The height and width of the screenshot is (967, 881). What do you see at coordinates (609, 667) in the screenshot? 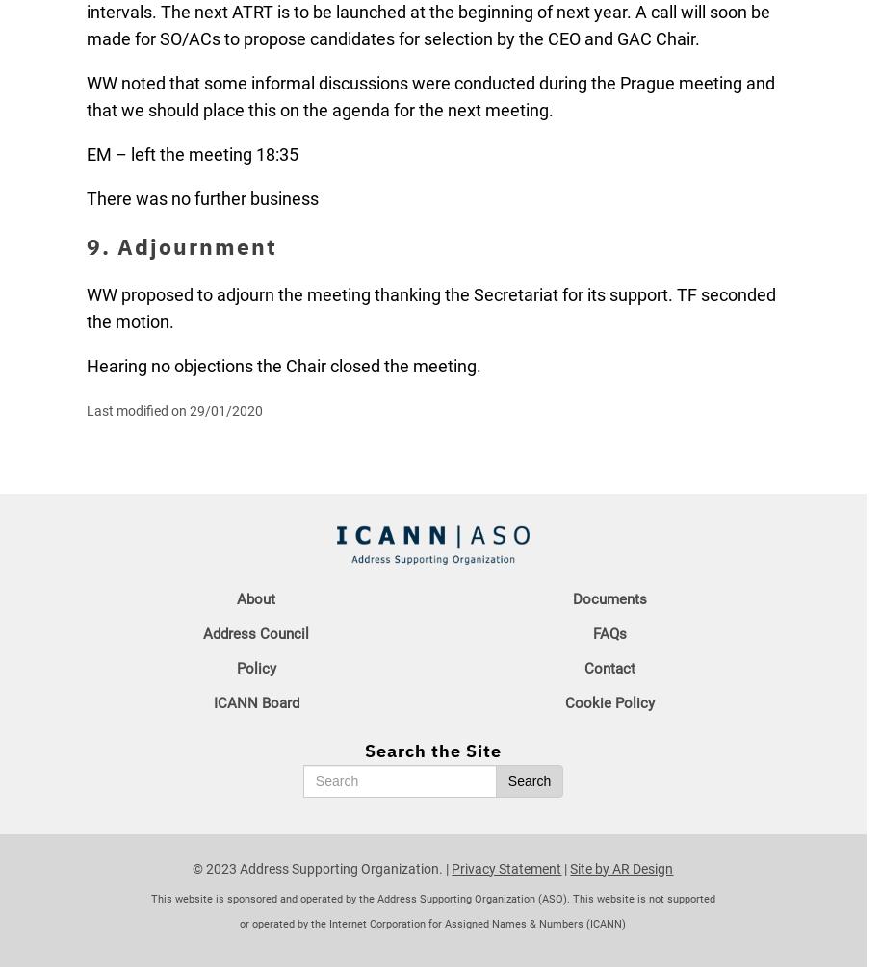
I see `'Contact'` at bounding box center [609, 667].